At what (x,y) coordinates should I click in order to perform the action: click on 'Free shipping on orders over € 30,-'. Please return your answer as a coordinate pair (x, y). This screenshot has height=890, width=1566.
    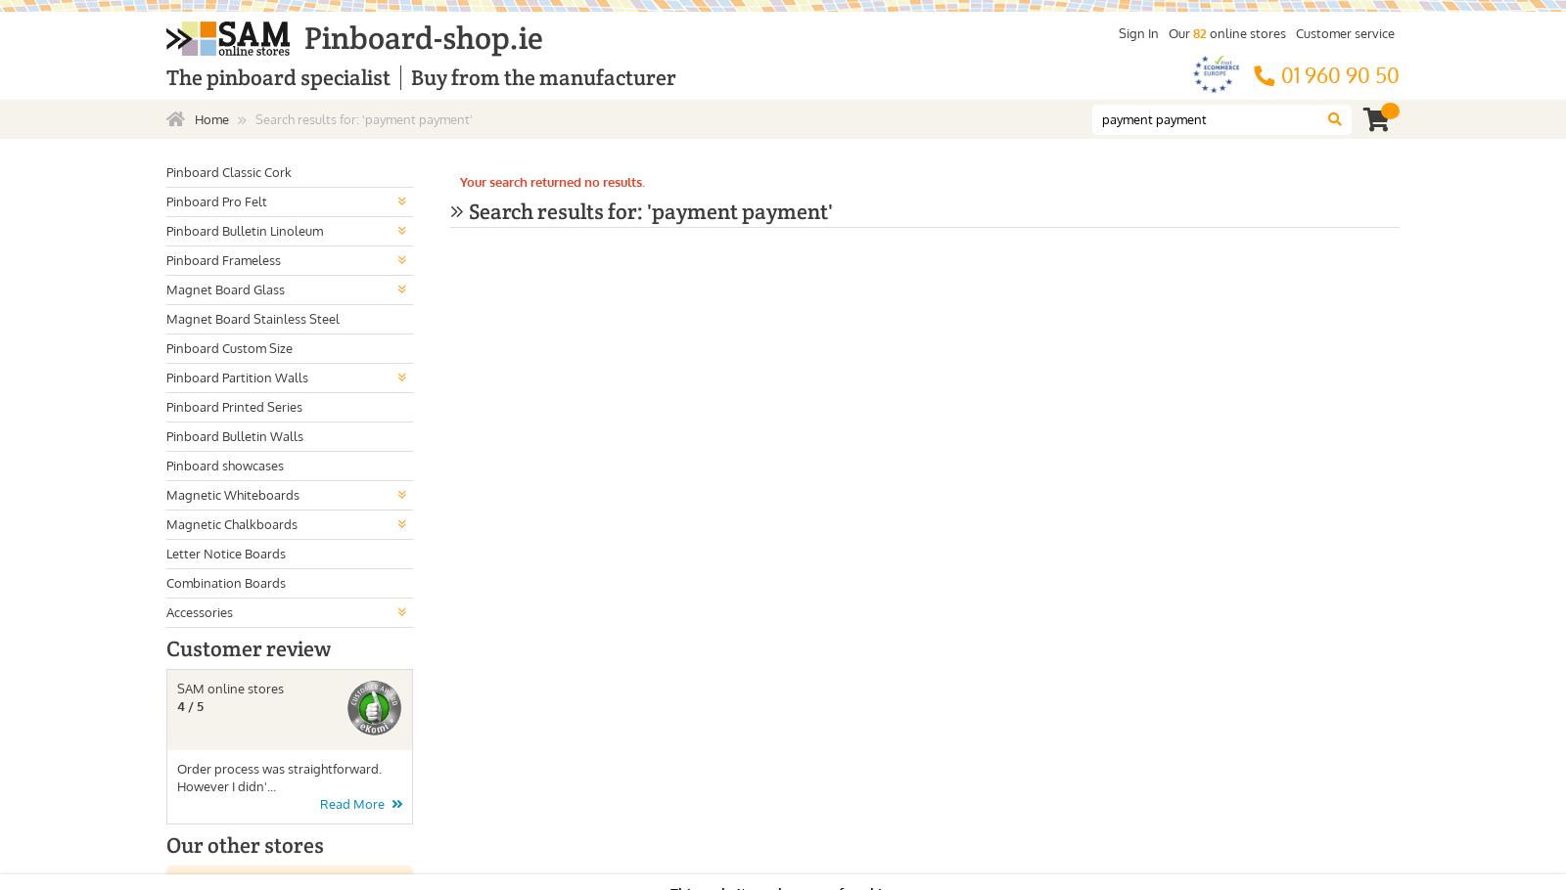
    Looking at the image, I should click on (575, 75).